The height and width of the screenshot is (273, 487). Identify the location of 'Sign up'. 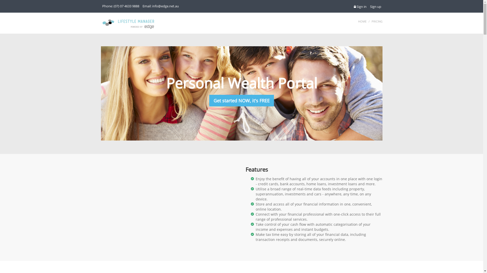
(375, 7).